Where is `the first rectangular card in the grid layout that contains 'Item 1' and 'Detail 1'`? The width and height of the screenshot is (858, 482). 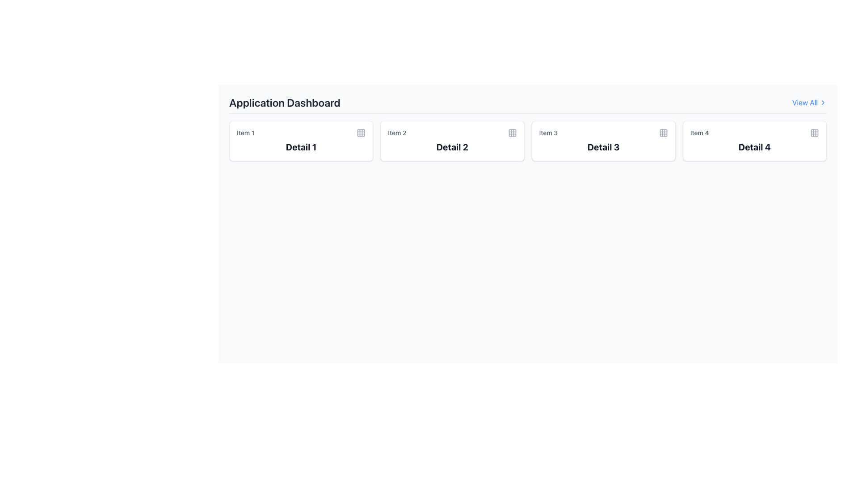 the first rectangular card in the grid layout that contains 'Item 1' and 'Detail 1' is located at coordinates (301, 141).